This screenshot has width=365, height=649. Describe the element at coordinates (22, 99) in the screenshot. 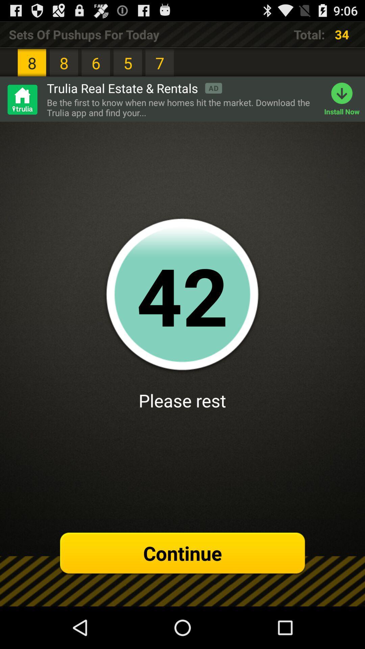

I see `icon next to trulia real estate` at that location.